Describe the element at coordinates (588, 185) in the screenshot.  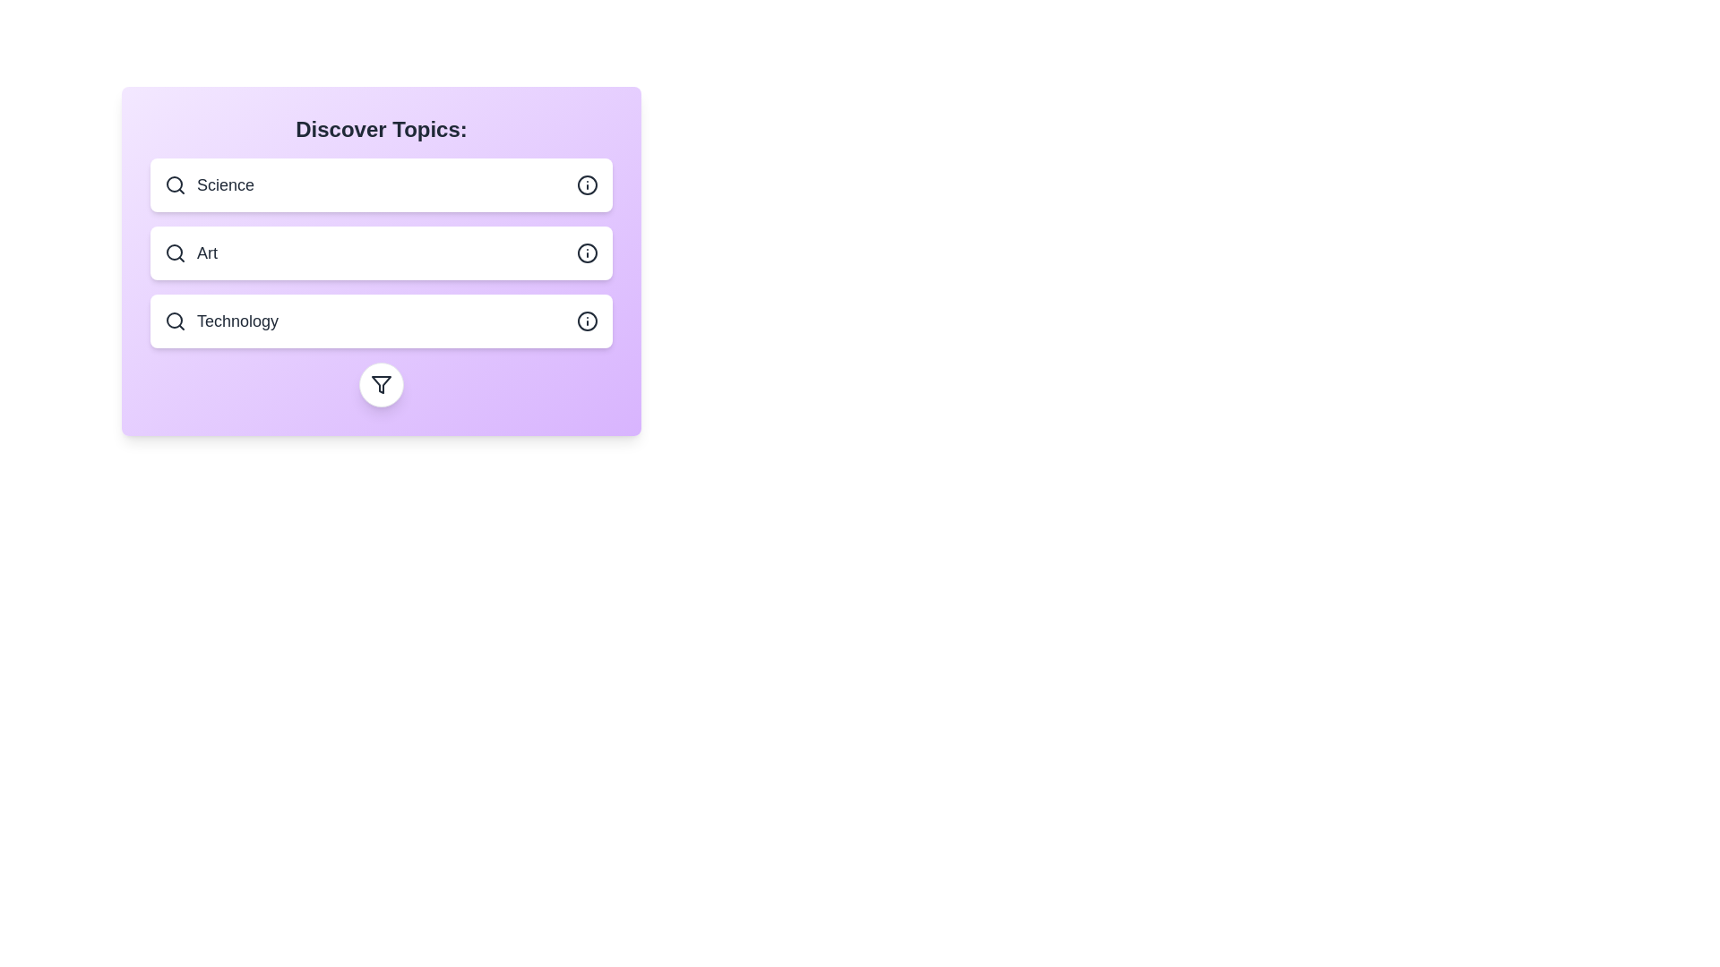
I see `information icon next to the topic Science` at that location.